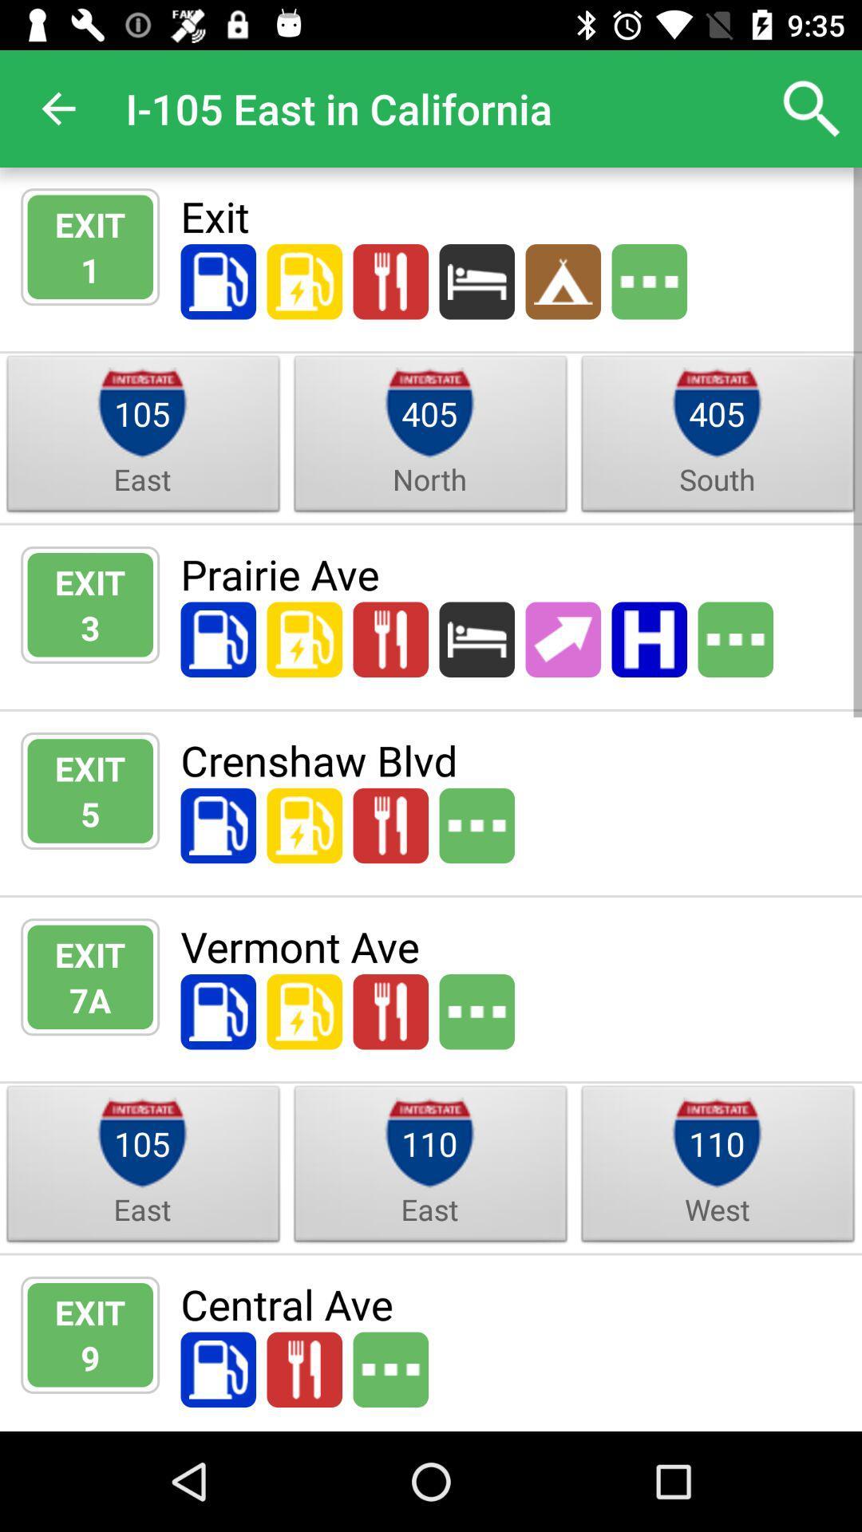 This screenshot has height=1532, width=862. What do you see at coordinates (90, 813) in the screenshot?
I see `icon to the left of crenshaw blvd item` at bounding box center [90, 813].